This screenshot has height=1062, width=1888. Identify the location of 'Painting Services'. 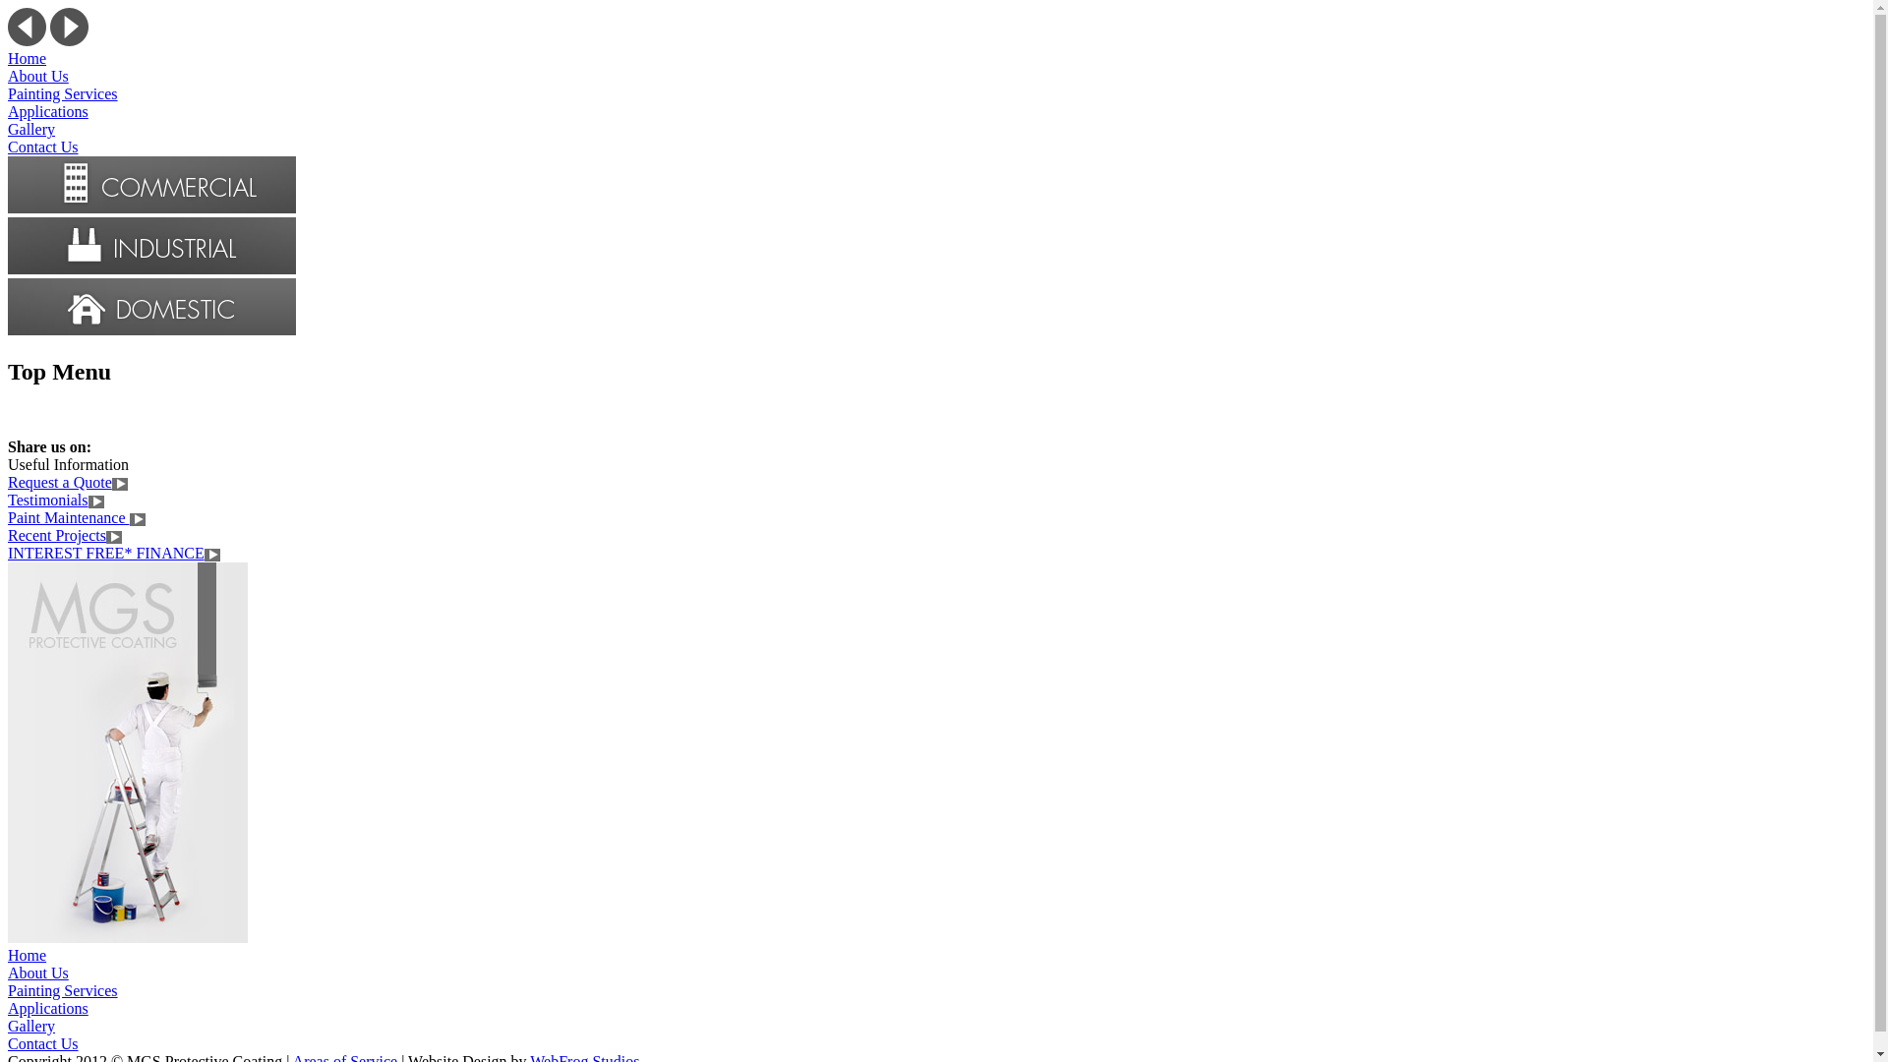
(62, 990).